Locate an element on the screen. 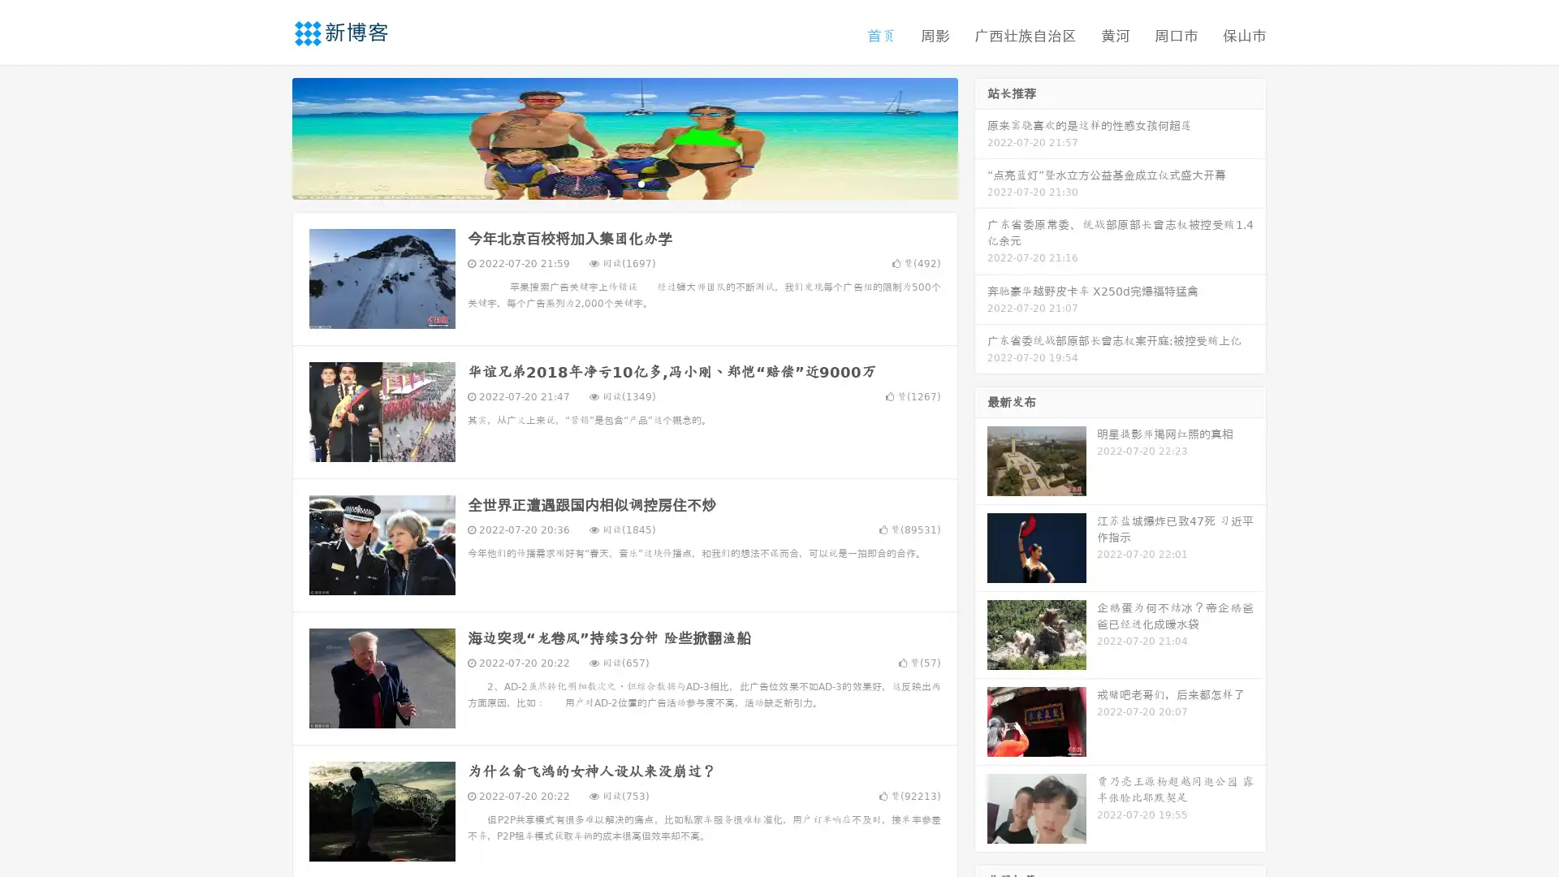  Previous slide is located at coordinates (268, 136).